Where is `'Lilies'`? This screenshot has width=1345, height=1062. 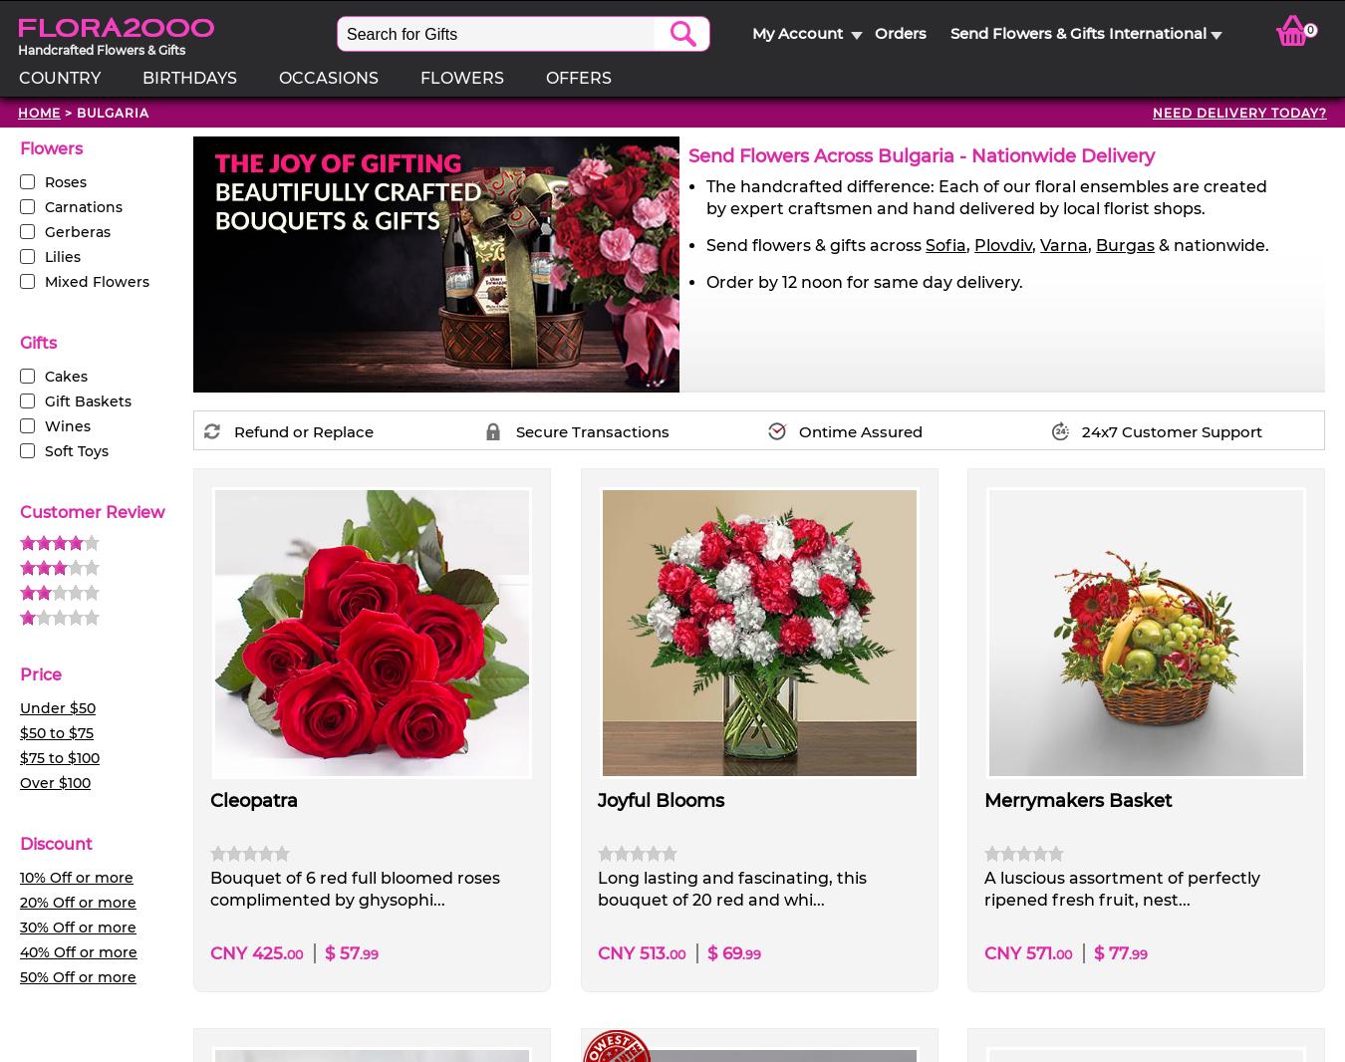 'Lilies' is located at coordinates (62, 255).